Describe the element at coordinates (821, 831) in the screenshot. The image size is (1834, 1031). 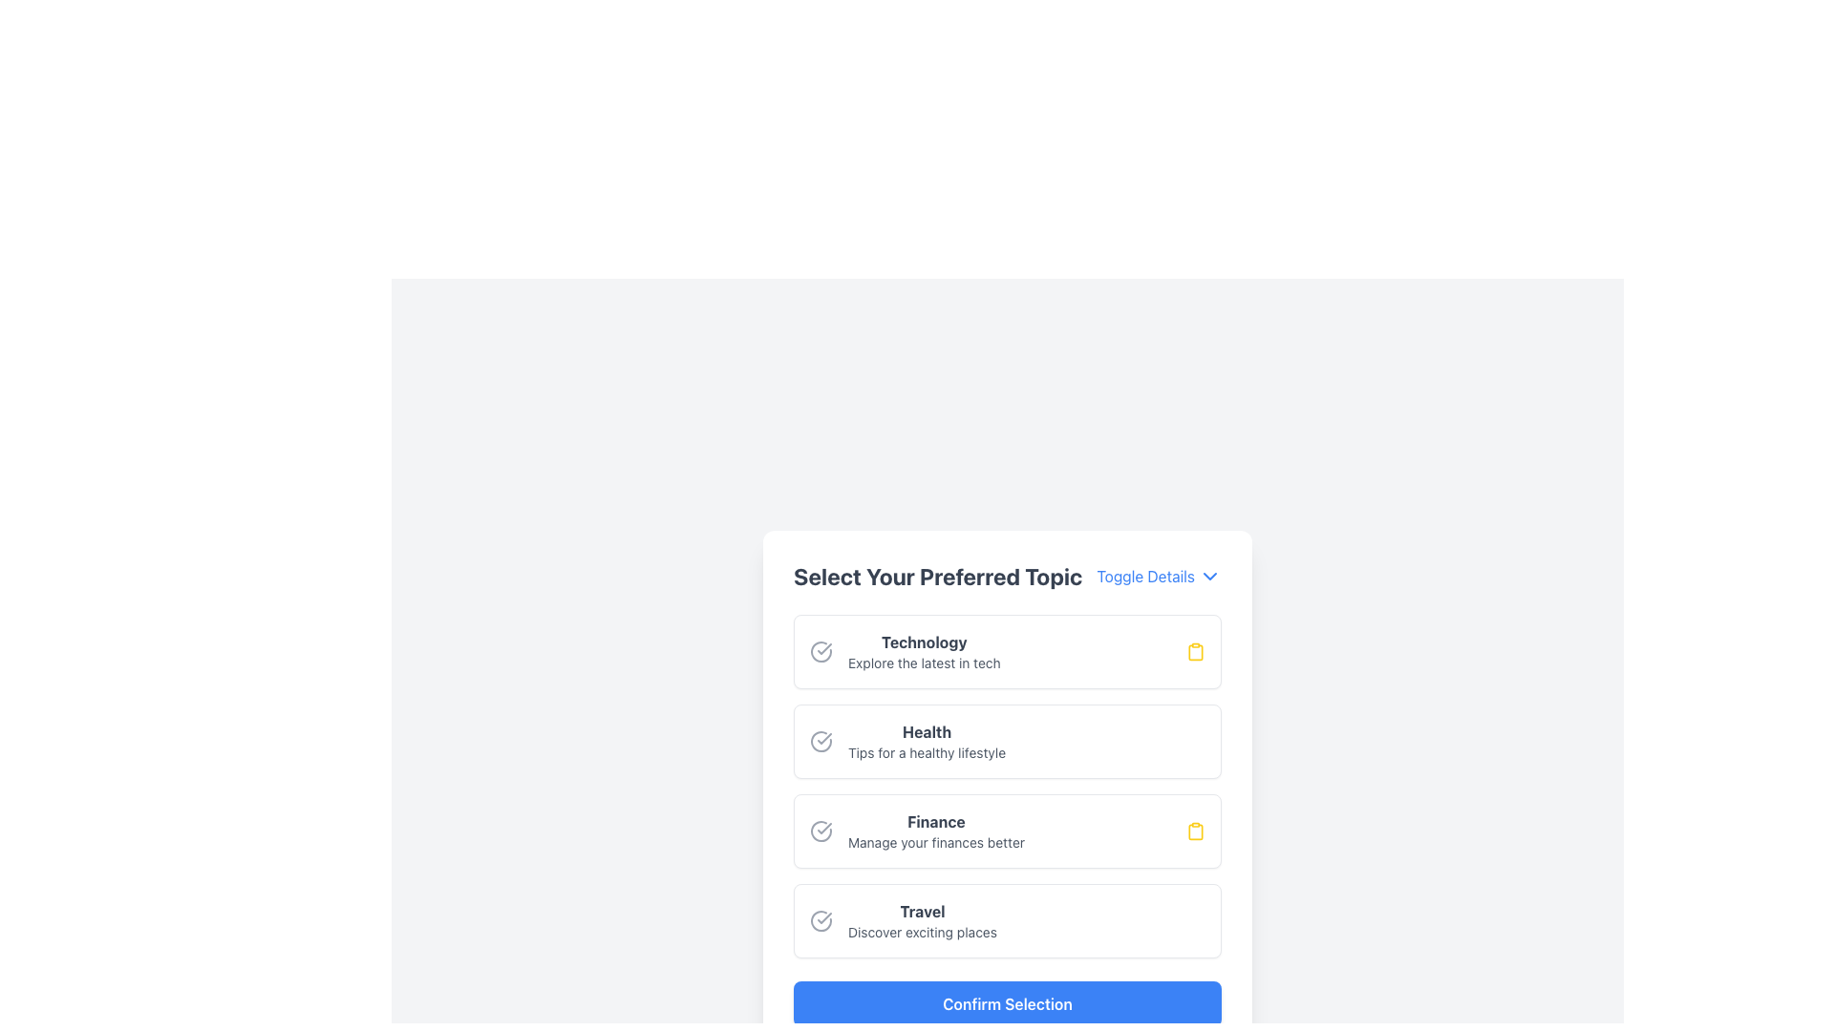
I see `the decorative SVG icon located within the circle-shaped graphic icon to the left of the 'Finance' topic` at that location.